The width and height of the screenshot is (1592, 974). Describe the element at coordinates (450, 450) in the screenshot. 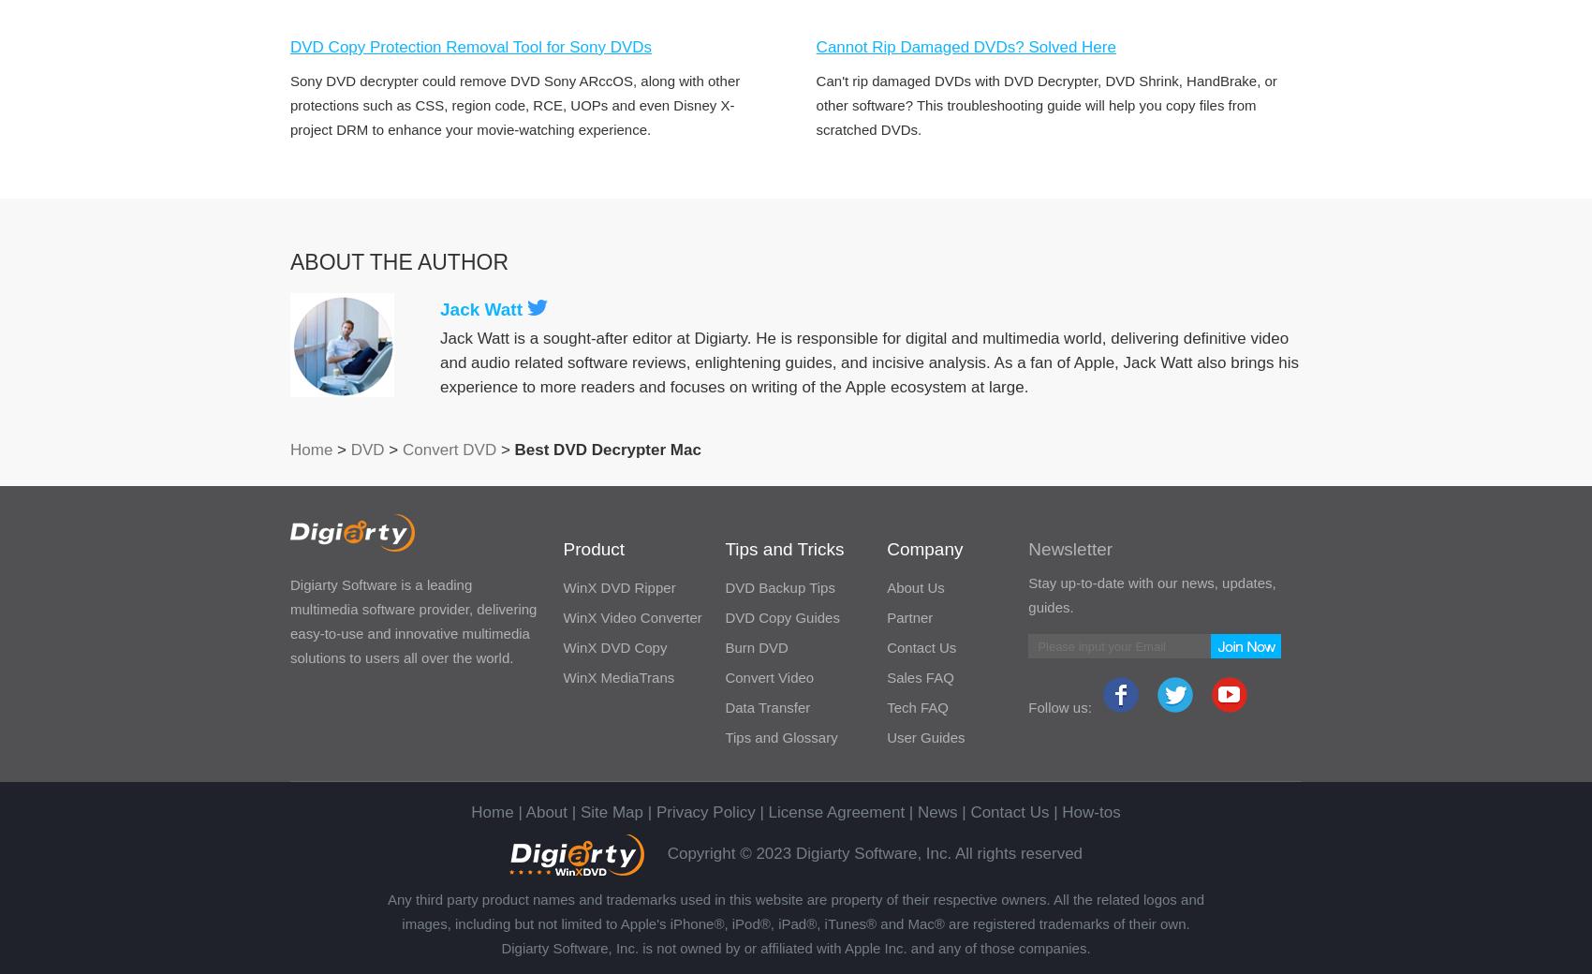

I see `'Convert DVD'` at that location.